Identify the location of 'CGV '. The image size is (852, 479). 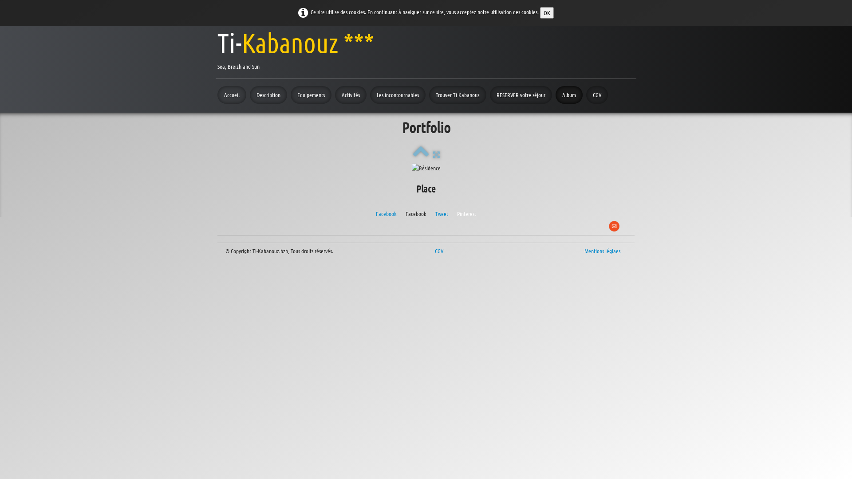
(440, 251).